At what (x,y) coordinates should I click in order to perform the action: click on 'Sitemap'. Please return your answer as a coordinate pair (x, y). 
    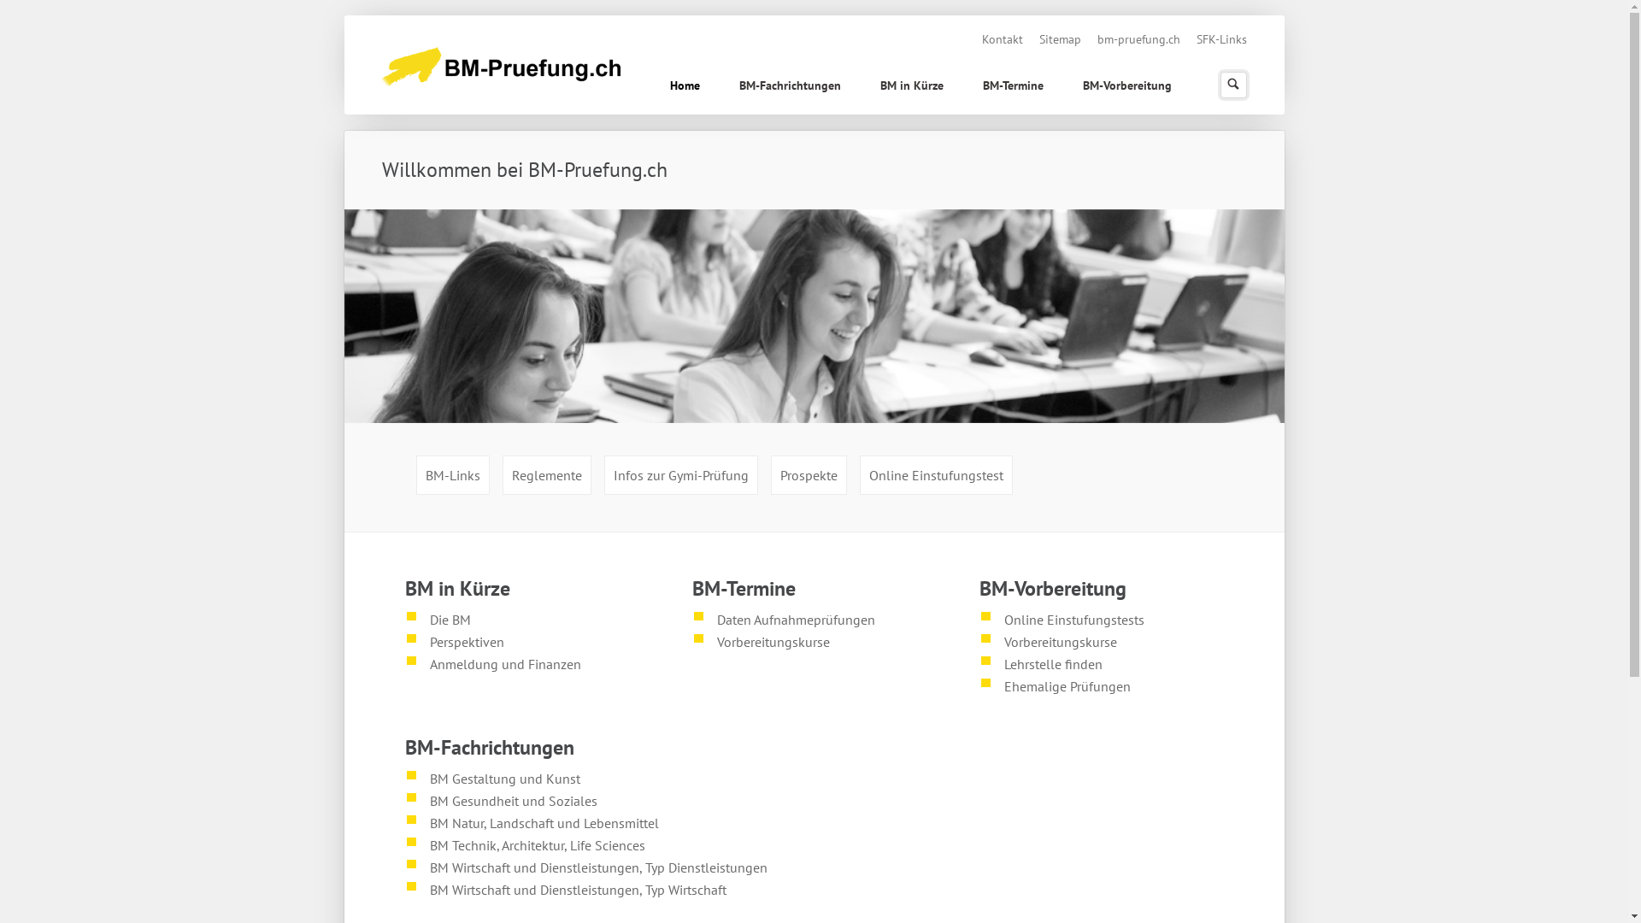
    Looking at the image, I should click on (1059, 38).